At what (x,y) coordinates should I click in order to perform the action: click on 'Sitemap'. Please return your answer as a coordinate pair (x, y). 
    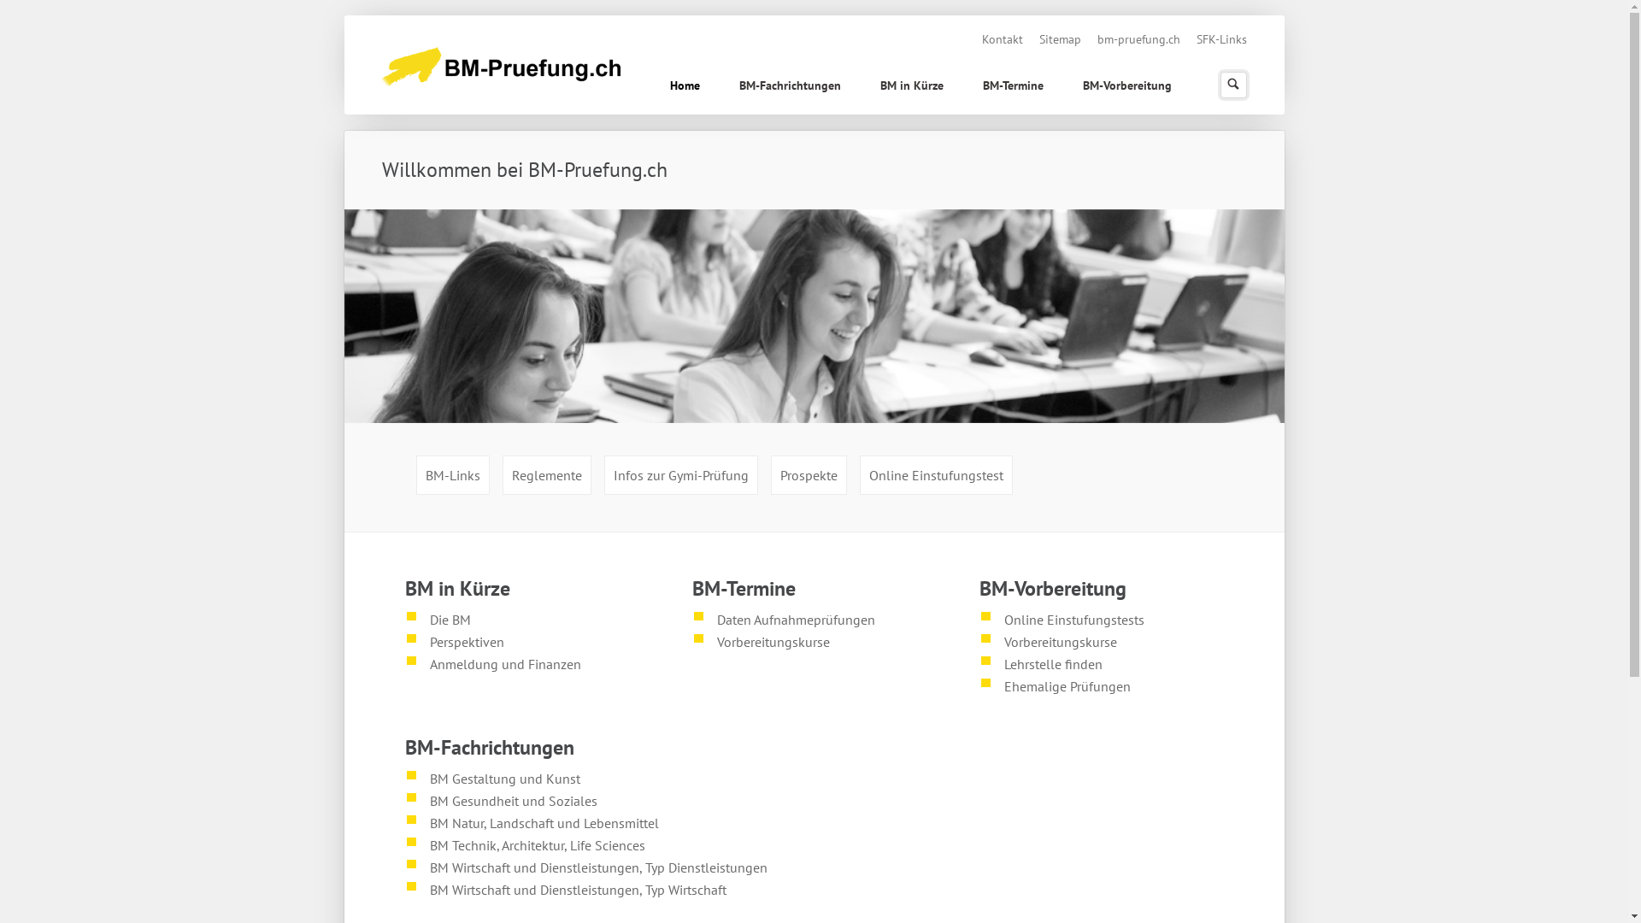
    Looking at the image, I should click on (1059, 38).